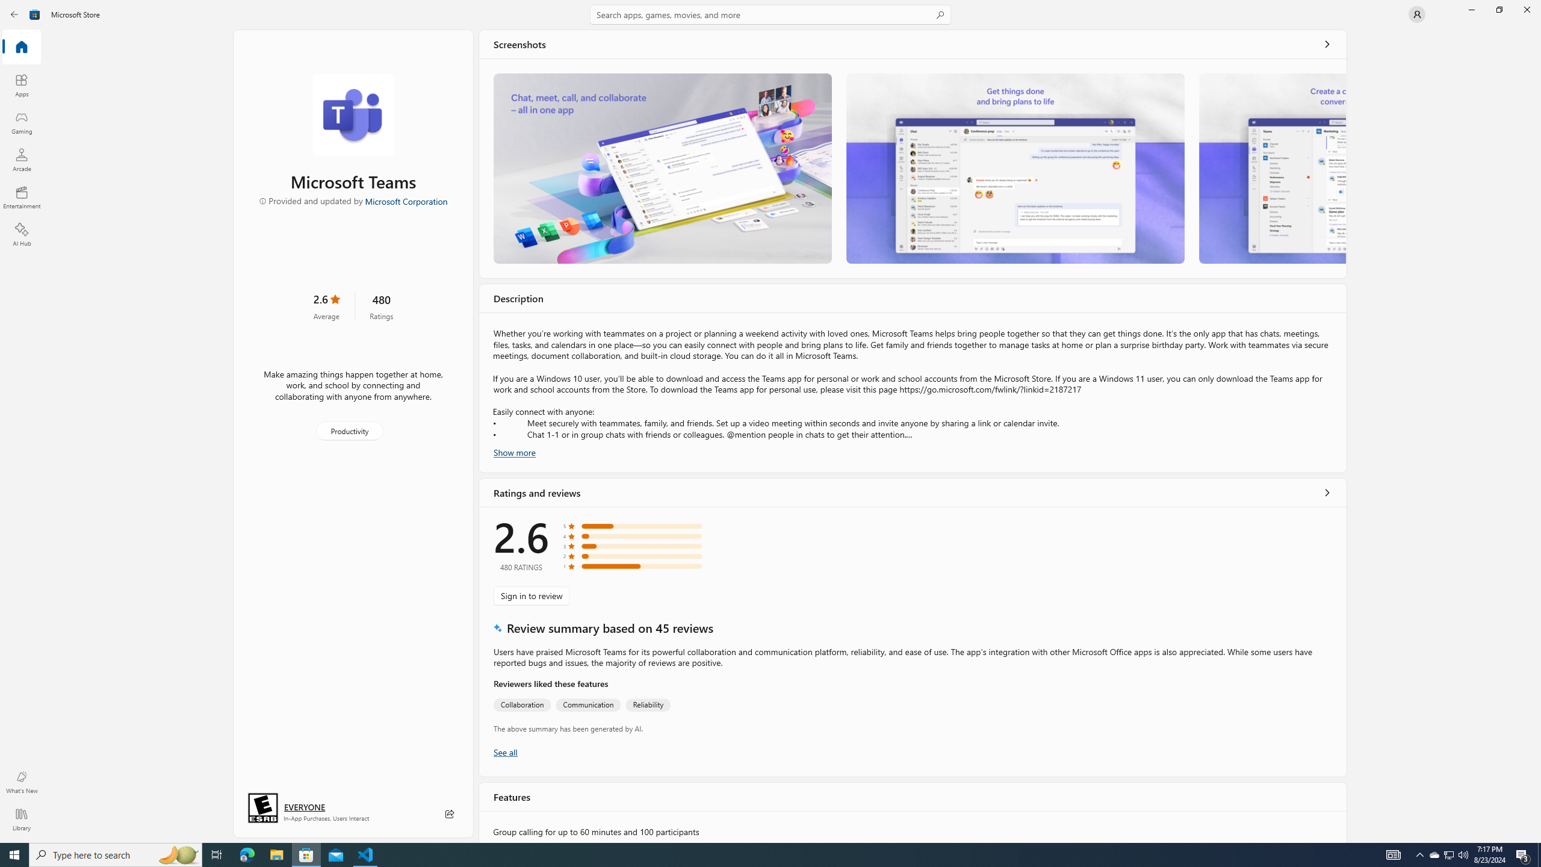 Image resolution: width=1541 pixels, height=867 pixels. Describe the element at coordinates (304, 807) in the screenshot. I see `'Age rating: EVERYONE. Click for more information.'` at that location.